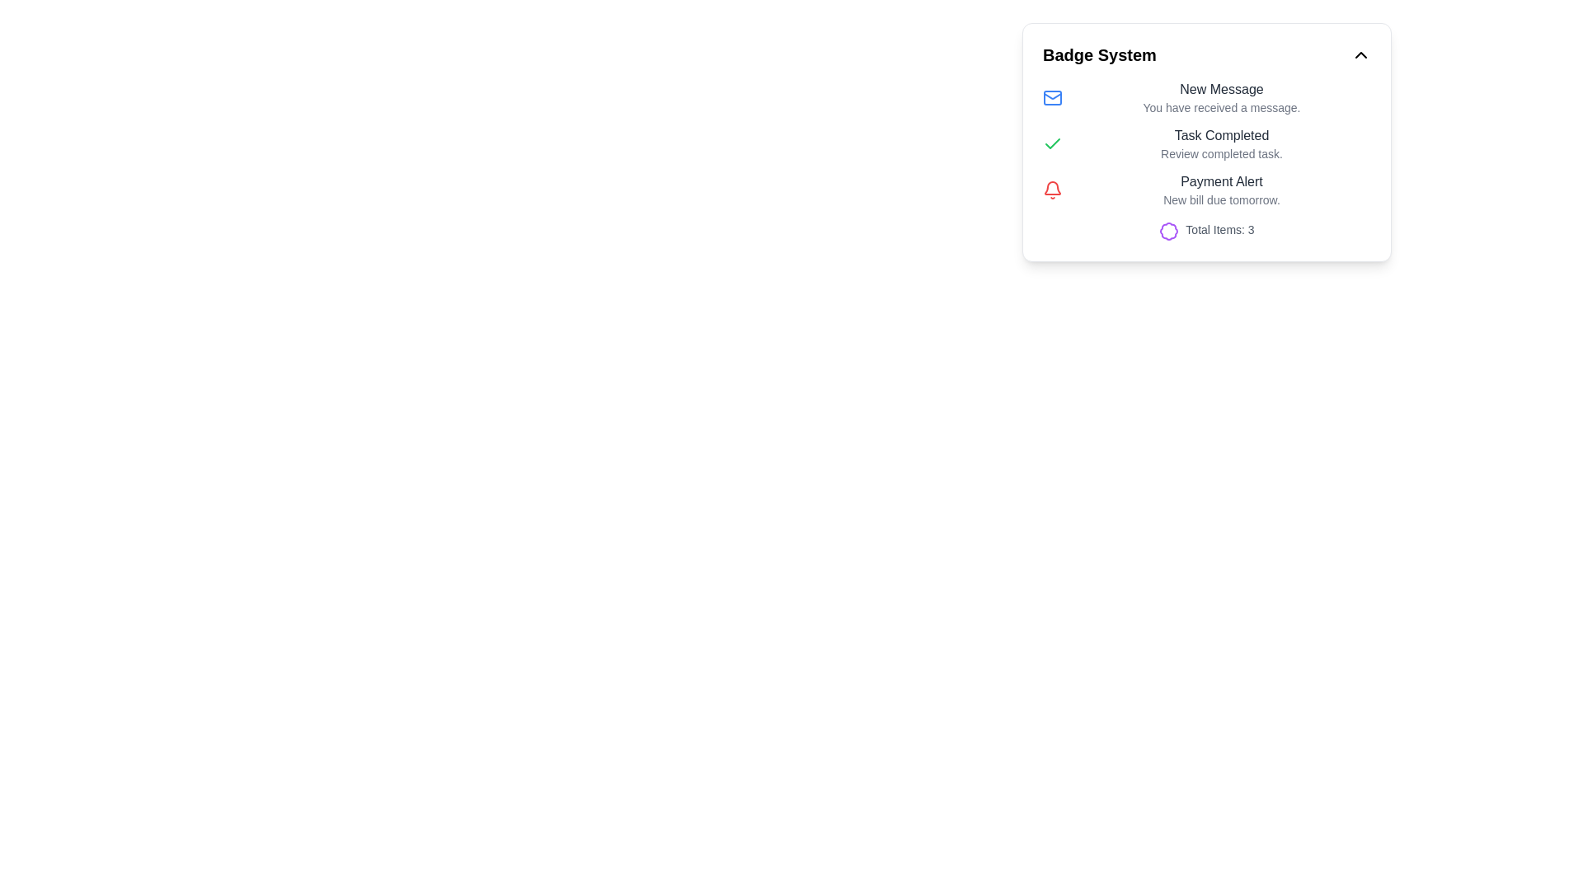  What do you see at coordinates (1051, 98) in the screenshot?
I see `the blue mail envelope icon located at the top-left corner of the 'Badge System' UI component to interact with the notification` at bounding box center [1051, 98].